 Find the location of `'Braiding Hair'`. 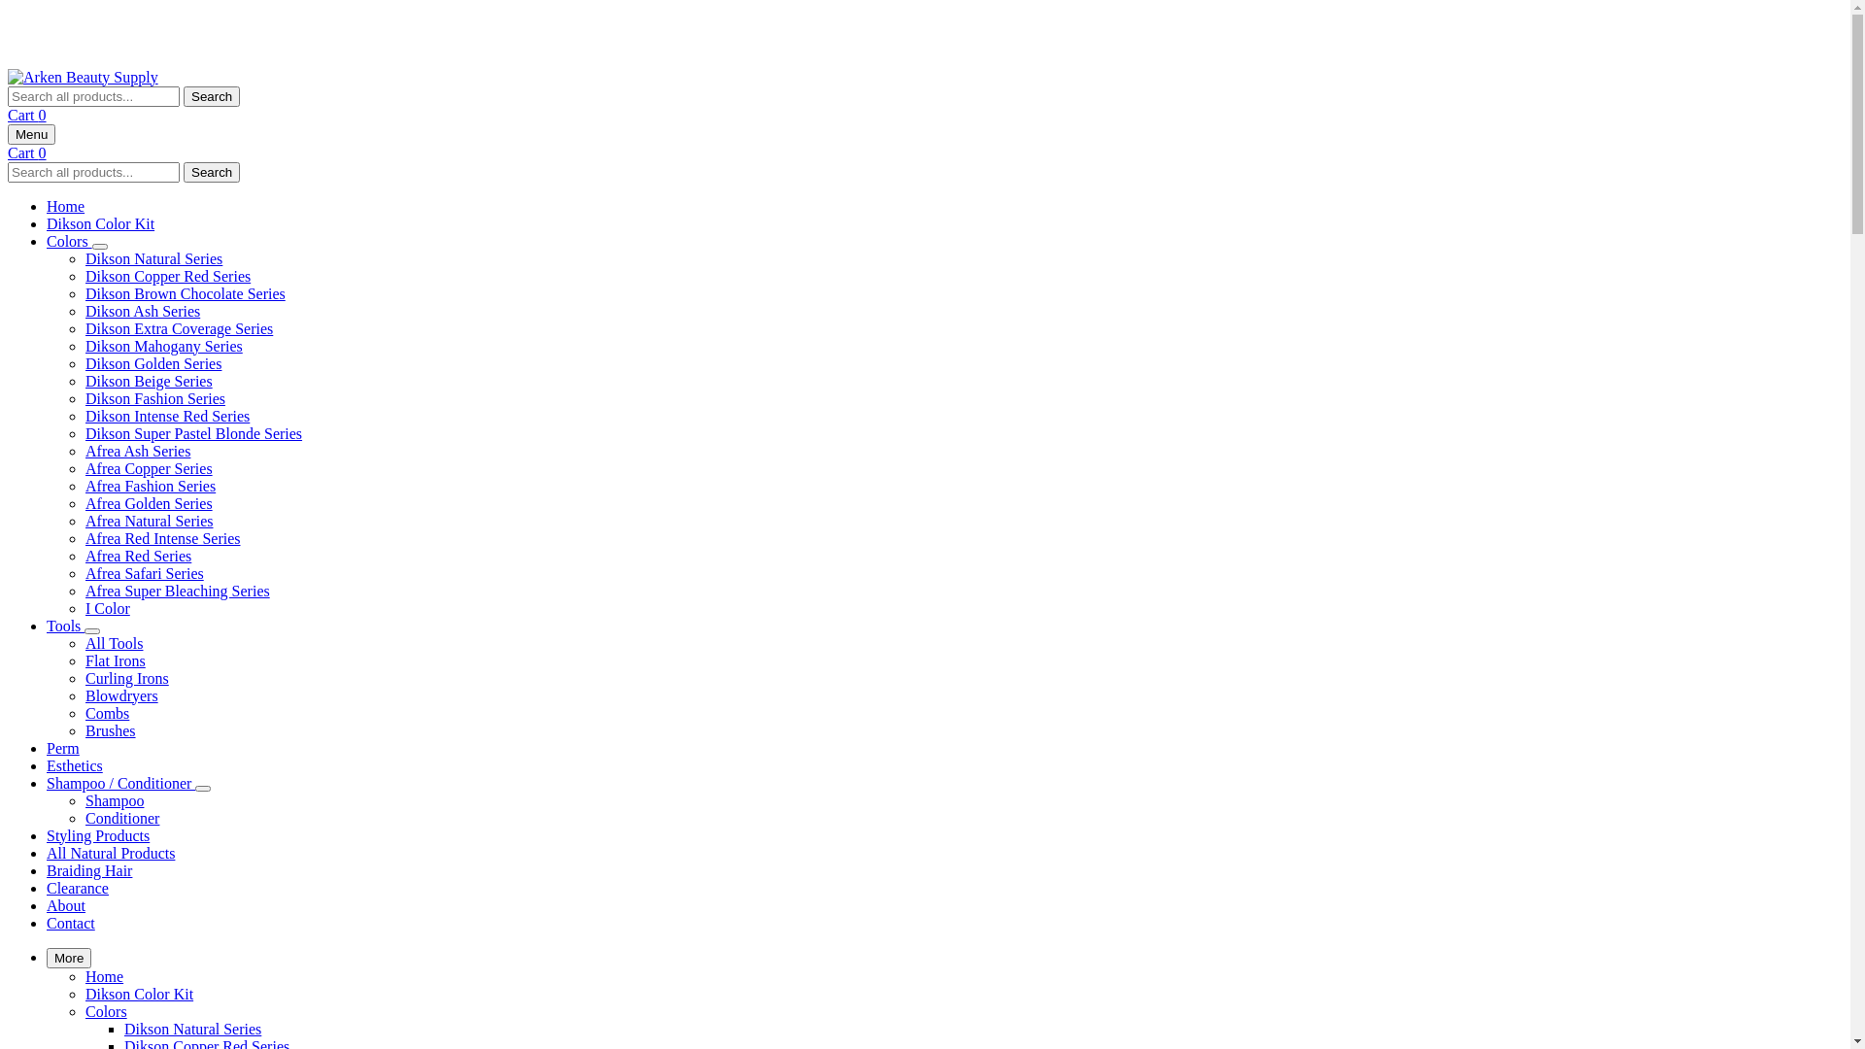

'Braiding Hair' is located at coordinates (87, 869).